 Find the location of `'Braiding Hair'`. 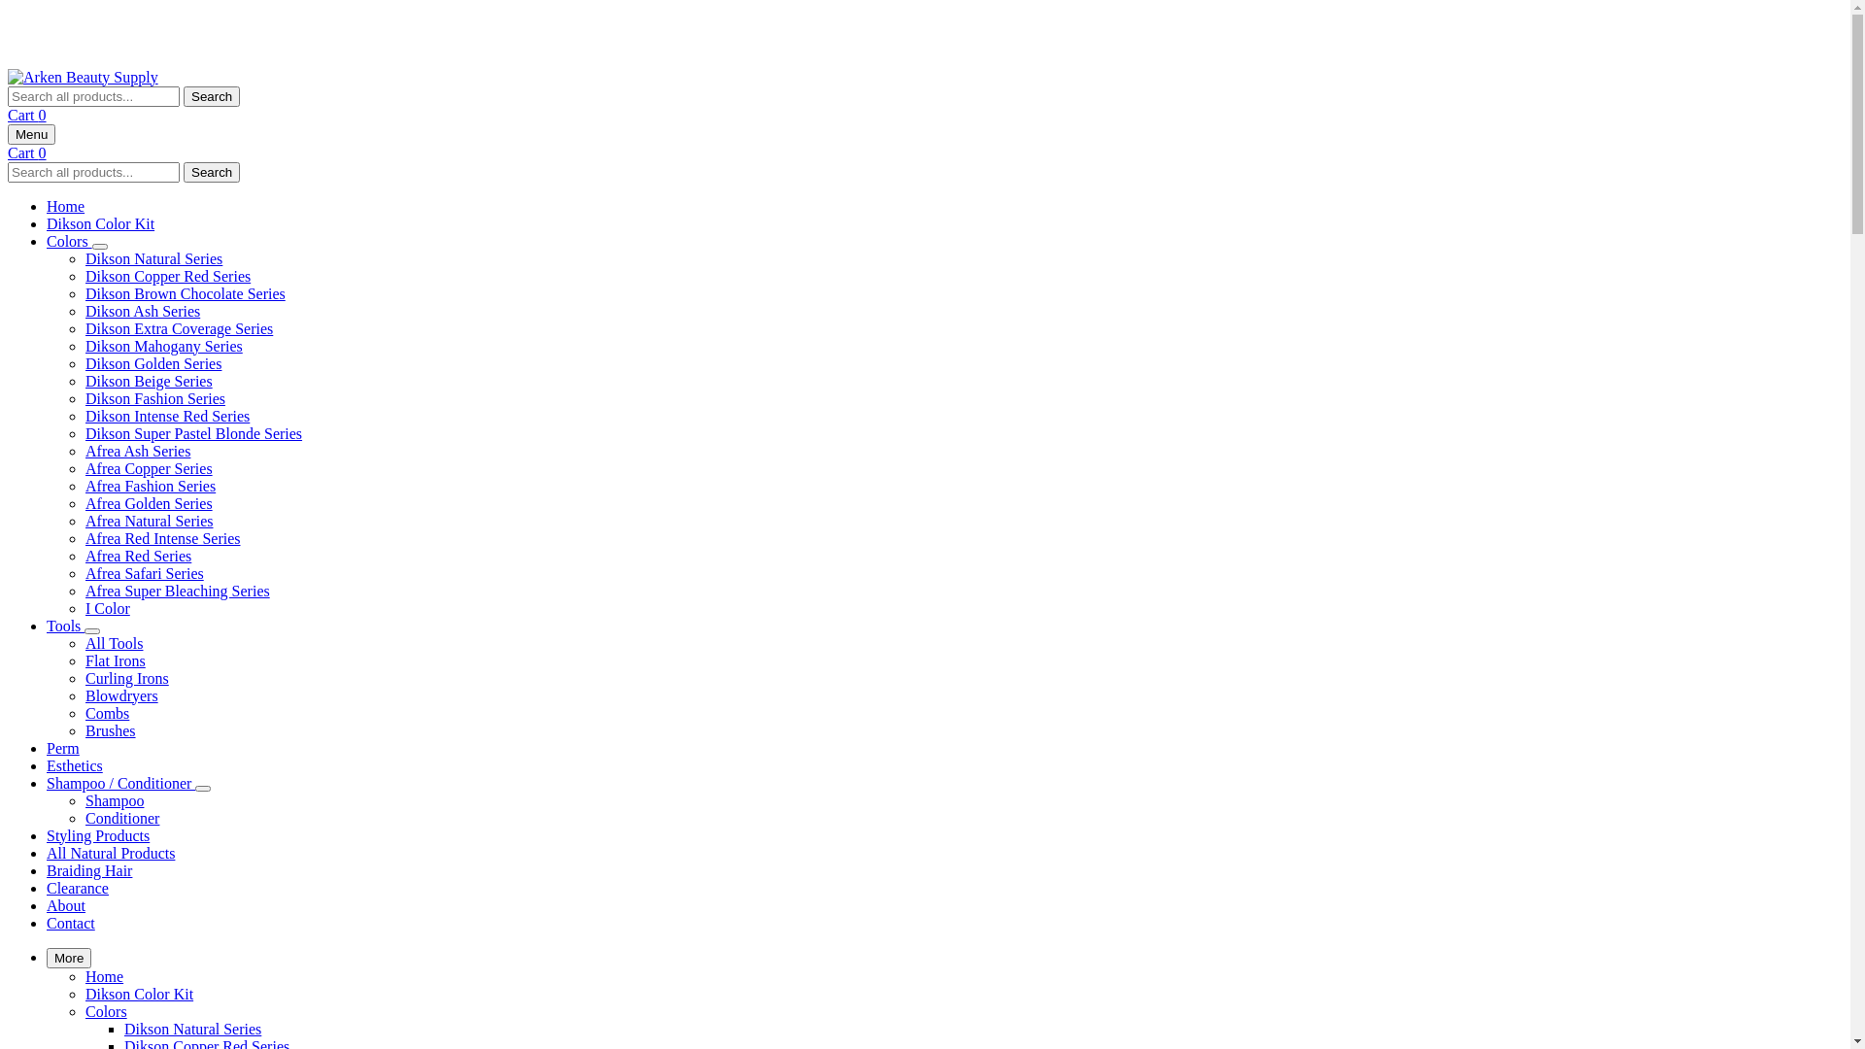

'Braiding Hair' is located at coordinates (87, 869).